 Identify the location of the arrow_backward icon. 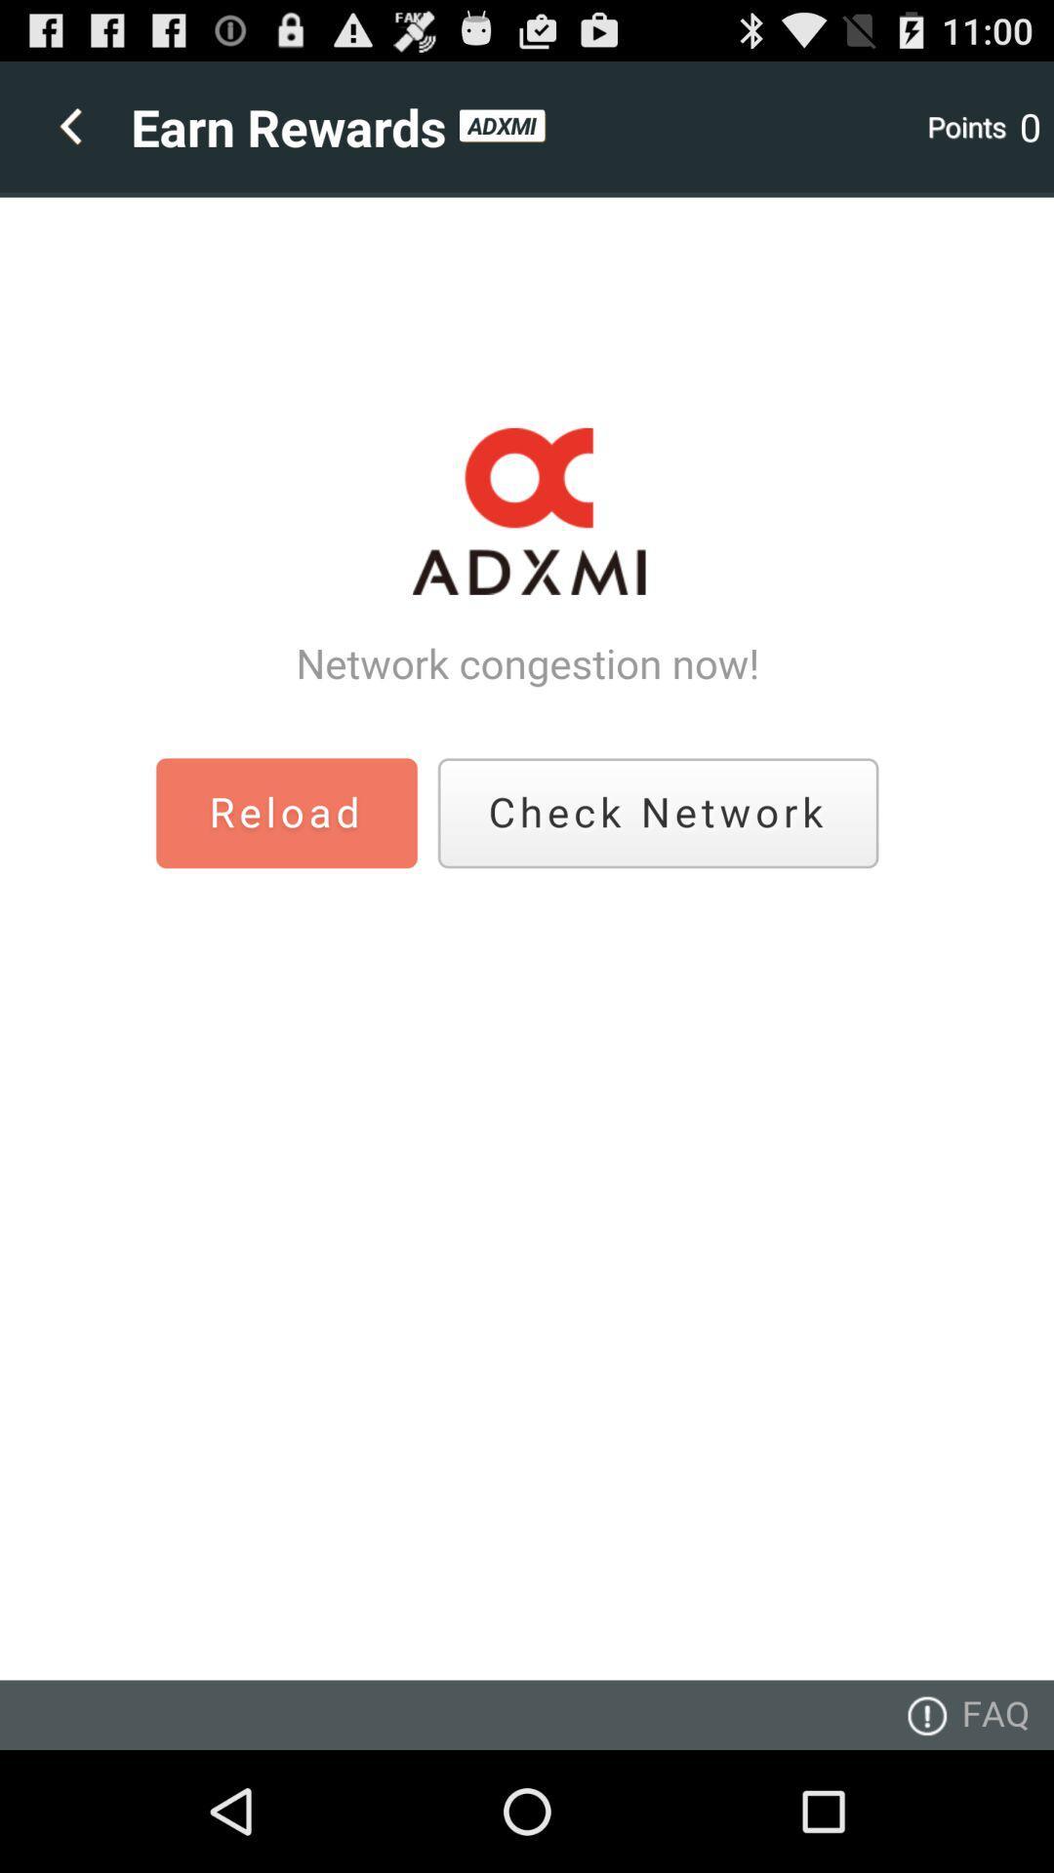
(62, 135).